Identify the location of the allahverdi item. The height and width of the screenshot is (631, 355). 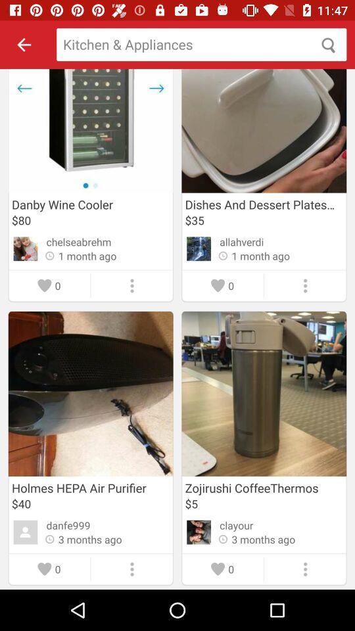
(241, 241).